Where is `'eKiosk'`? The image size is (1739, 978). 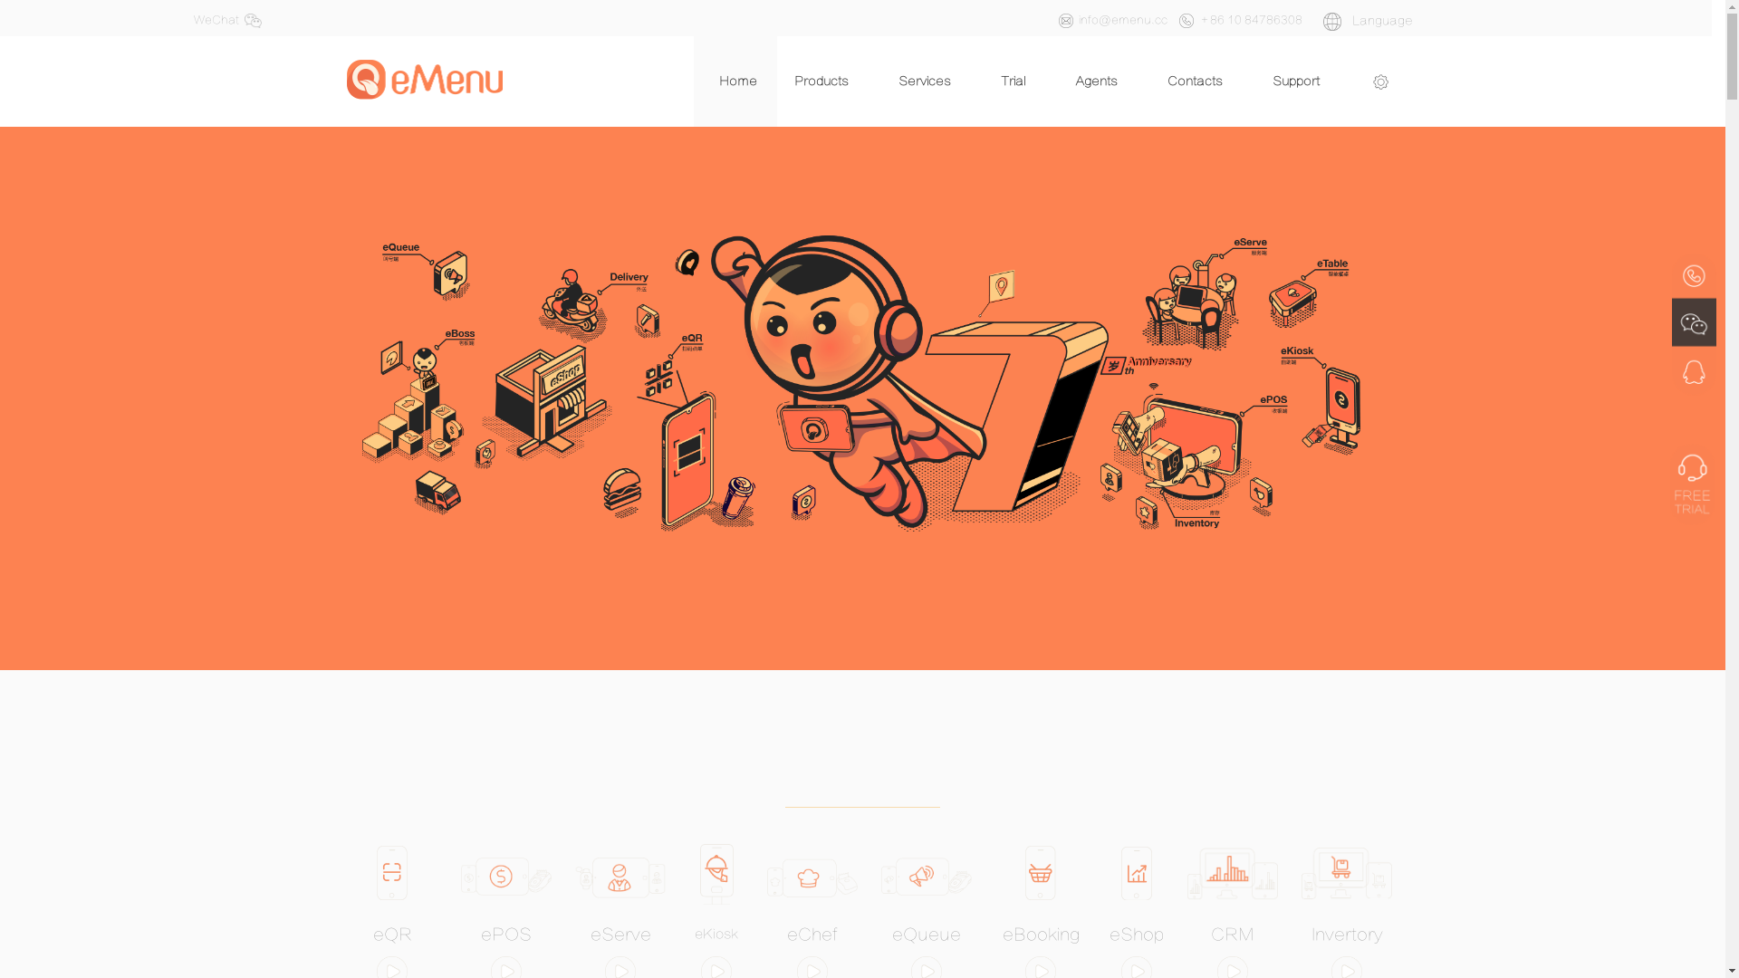 'eKiosk' is located at coordinates (716, 931).